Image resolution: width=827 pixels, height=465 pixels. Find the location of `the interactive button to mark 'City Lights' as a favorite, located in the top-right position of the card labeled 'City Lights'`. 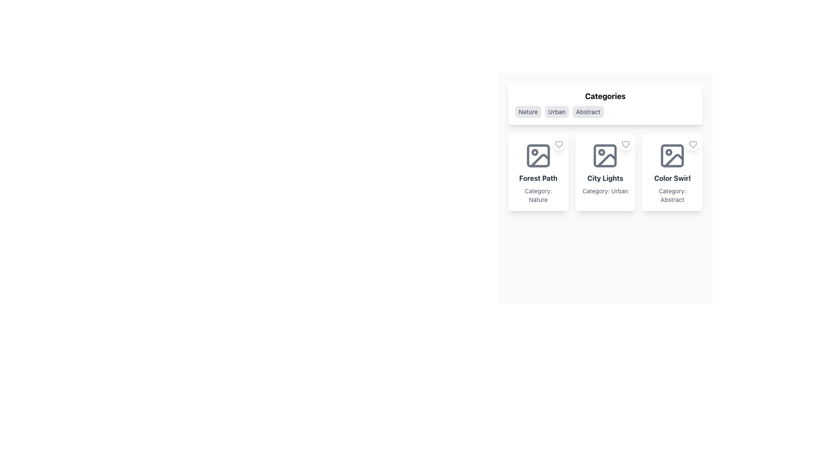

the interactive button to mark 'City Lights' as a favorite, located in the top-right position of the card labeled 'City Lights' is located at coordinates (626, 144).